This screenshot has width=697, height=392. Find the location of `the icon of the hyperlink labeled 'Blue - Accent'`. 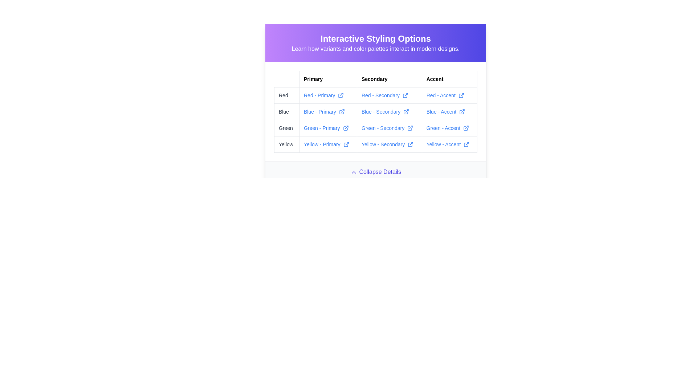

the icon of the hyperlink labeled 'Blue - Accent' is located at coordinates (449, 112).